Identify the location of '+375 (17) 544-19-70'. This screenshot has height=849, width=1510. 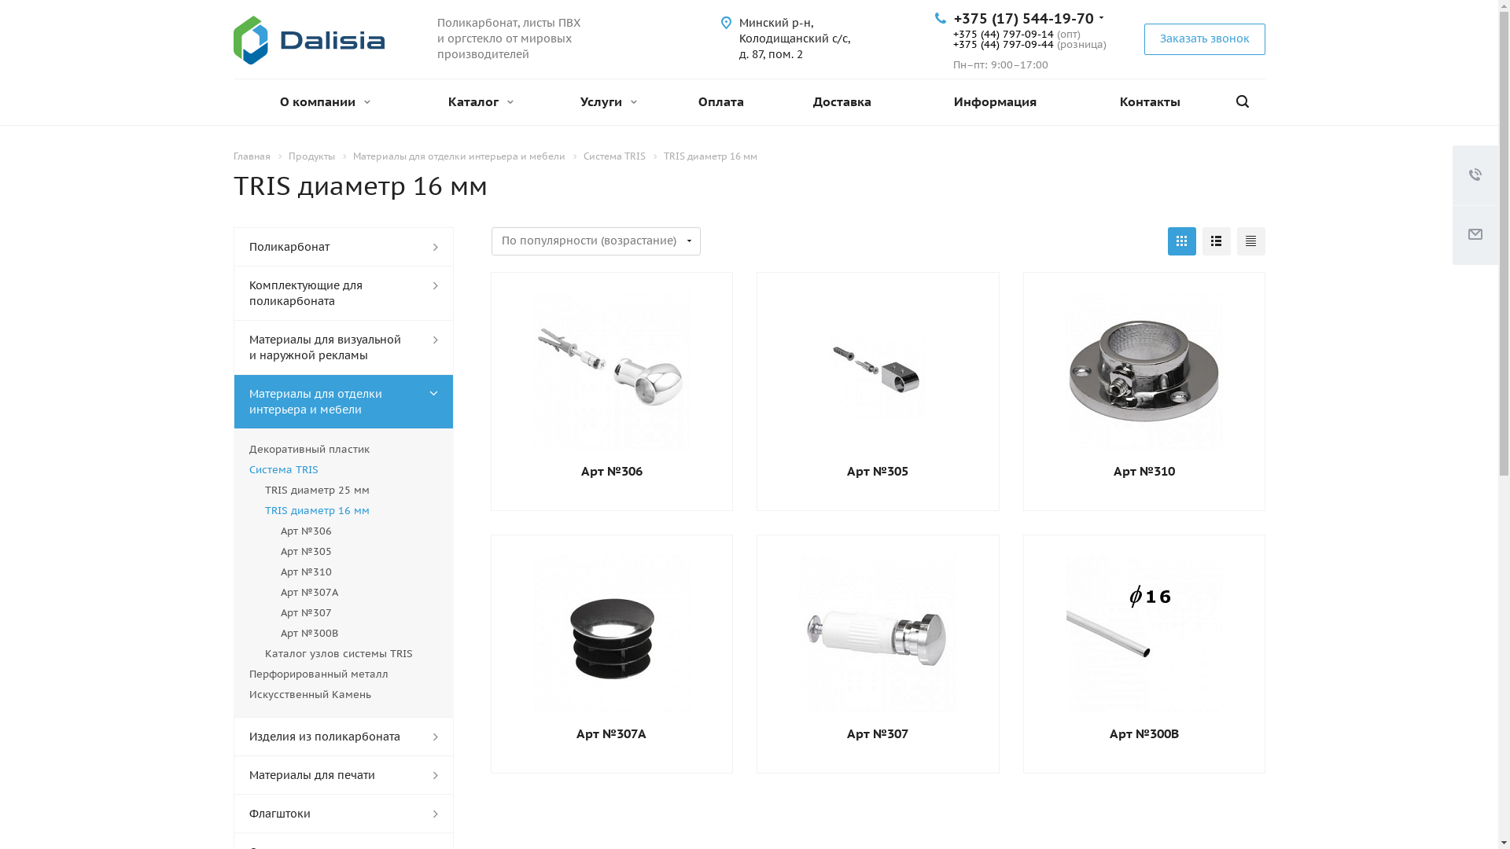
(1022, 18).